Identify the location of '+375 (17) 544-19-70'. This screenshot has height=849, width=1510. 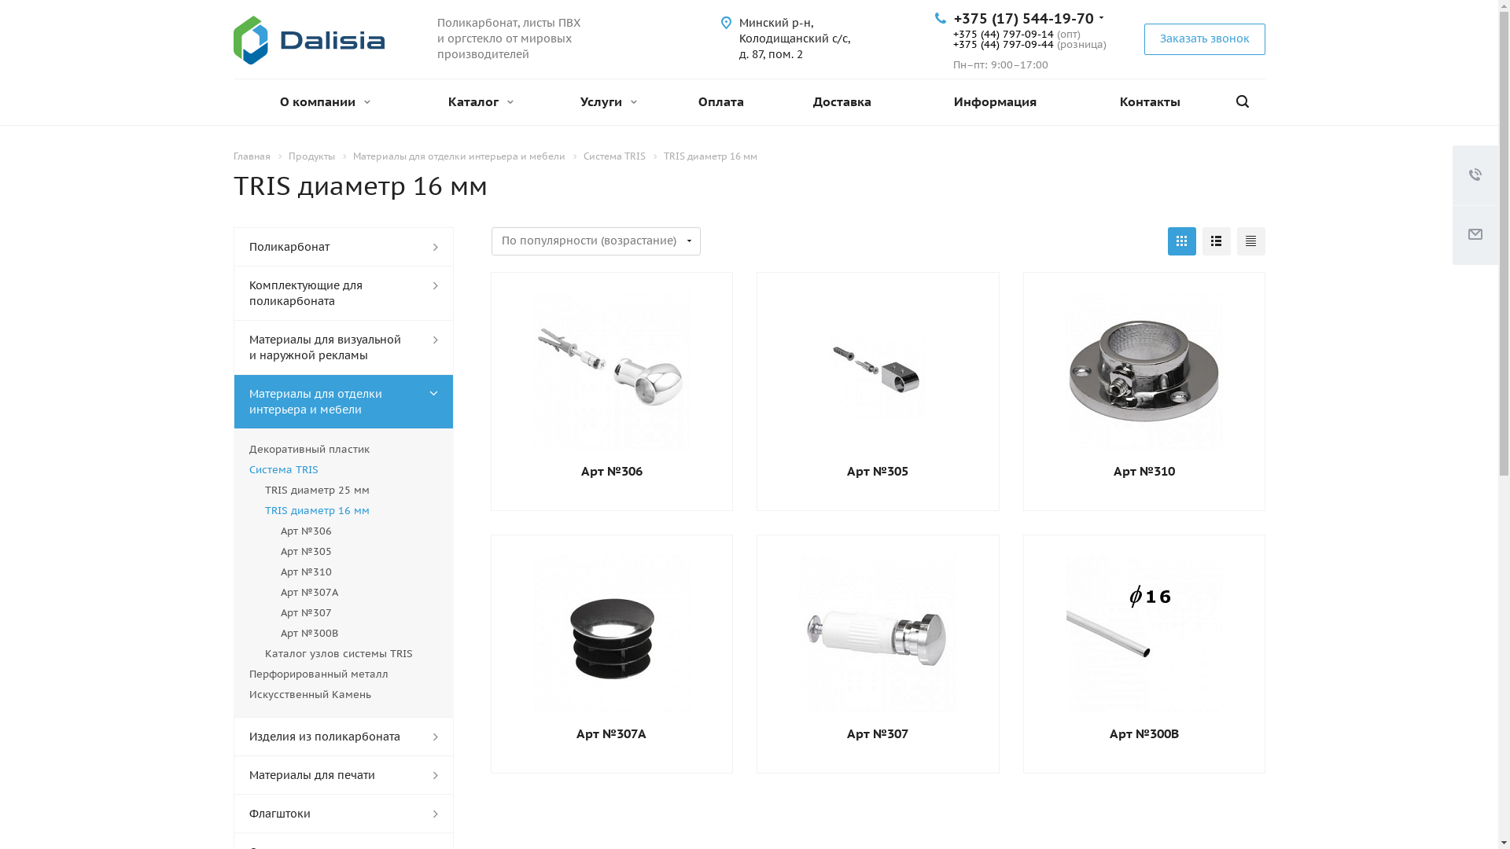
(1022, 18).